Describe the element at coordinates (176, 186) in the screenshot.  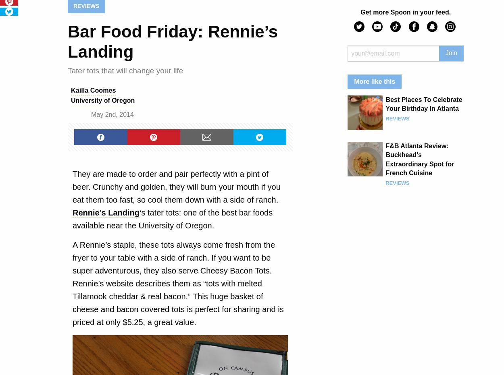
I see `'They are made to order and pair perfectly with a pint of beer. Crunchy and golden, they will burn your mouth if you eat them too fast, so cool them down with a side of ranch.'` at that location.